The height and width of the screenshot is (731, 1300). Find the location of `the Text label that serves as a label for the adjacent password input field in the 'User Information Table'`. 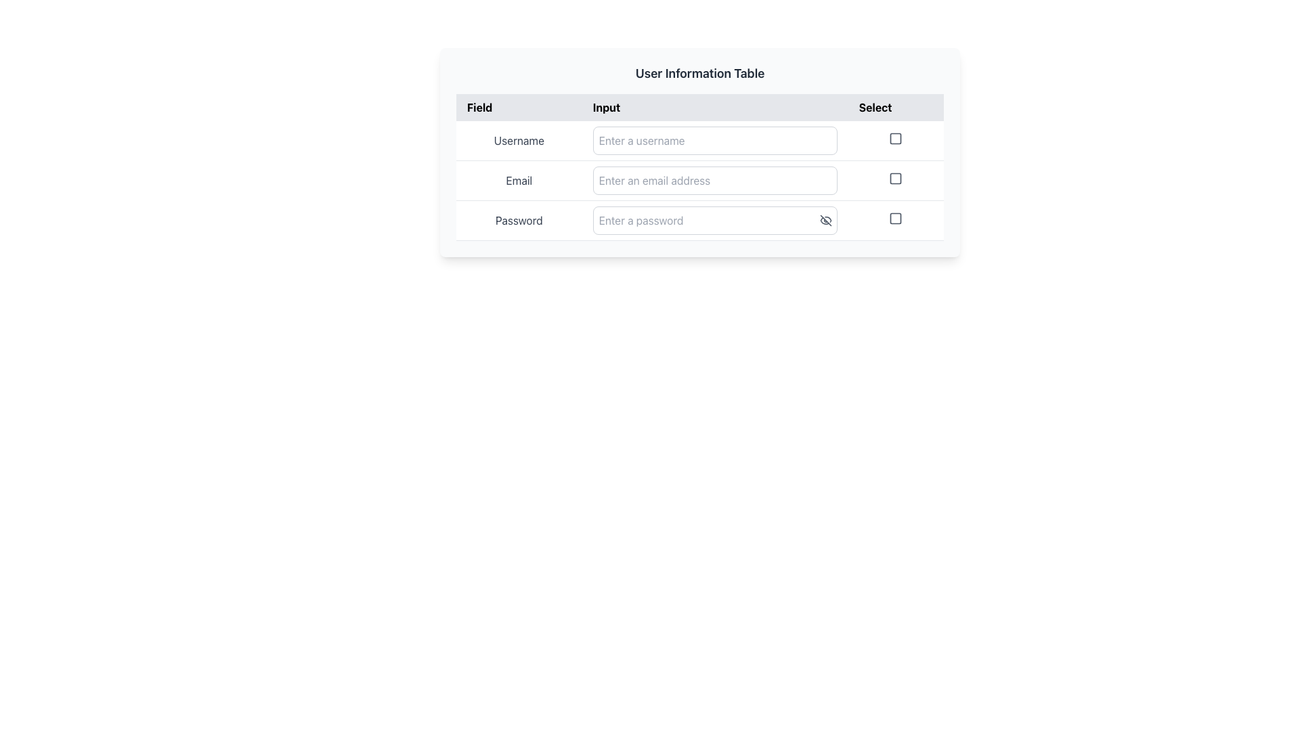

the Text label that serves as a label for the adjacent password input field in the 'User Information Table' is located at coordinates (518, 220).